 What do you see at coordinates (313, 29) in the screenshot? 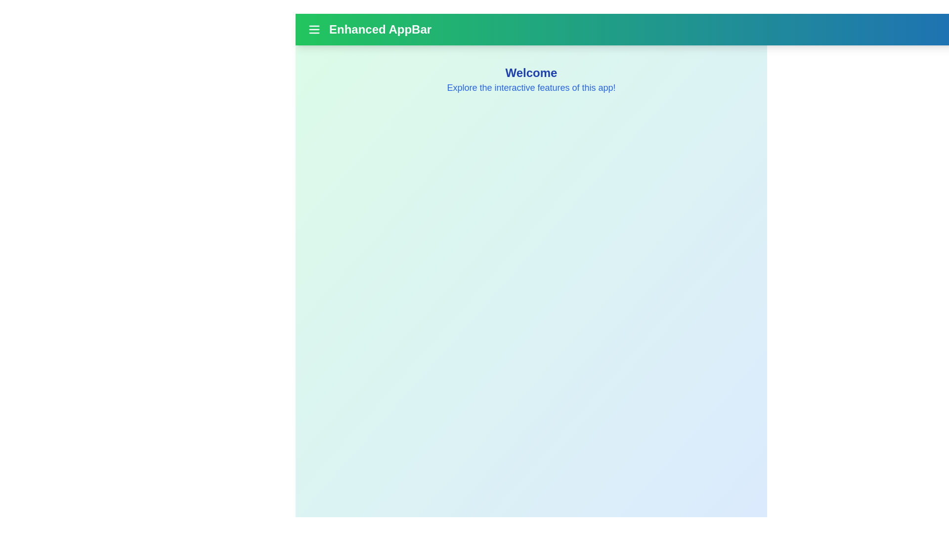
I see `the menu icon to toggle the side menu` at bounding box center [313, 29].